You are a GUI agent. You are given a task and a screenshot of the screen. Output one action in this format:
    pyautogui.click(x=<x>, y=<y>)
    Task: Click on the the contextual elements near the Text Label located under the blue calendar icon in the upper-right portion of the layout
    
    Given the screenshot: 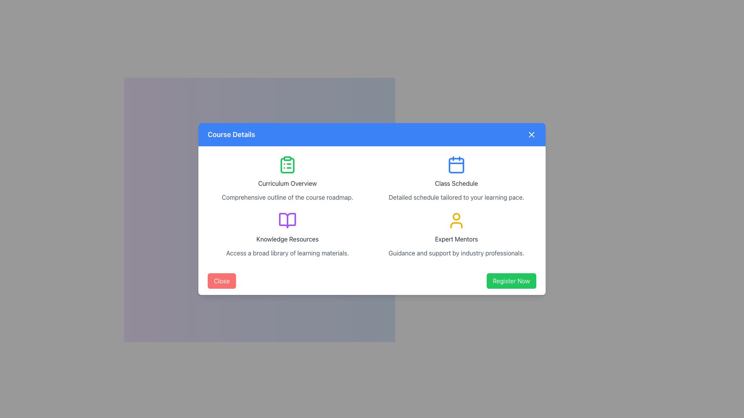 What is the action you would take?
    pyautogui.click(x=456, y=183)
    